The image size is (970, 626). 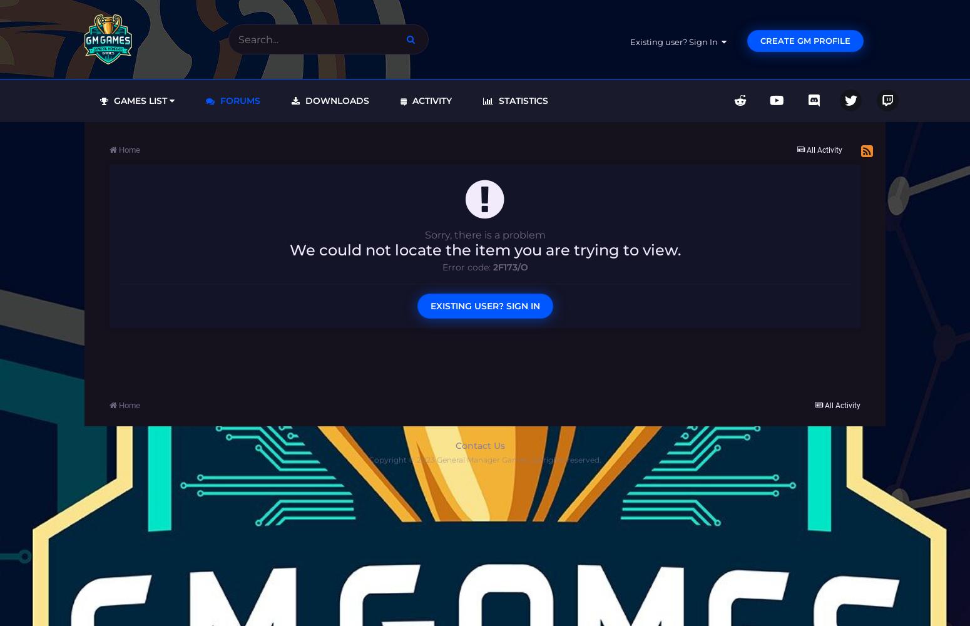 What do you see at coordinates (481, 136) in the screenshot?
I see `'Leaderboard'` at bounding box center [481, 136].